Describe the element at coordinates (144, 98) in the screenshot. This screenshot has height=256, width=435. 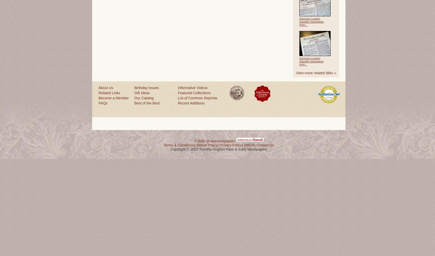
I see `'Our Catalog'` at that location.